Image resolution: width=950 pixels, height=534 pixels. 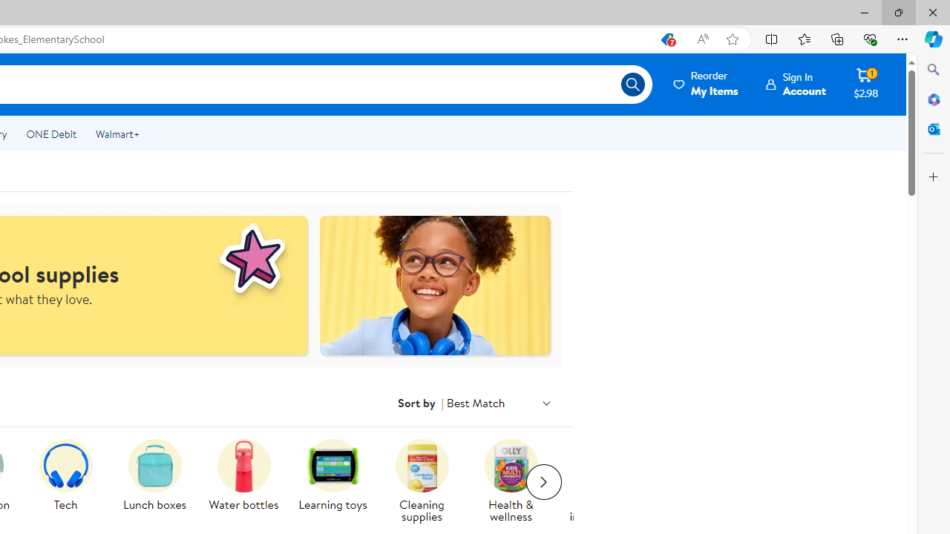 What do you see at coordinates (865, 84) in the screenshot?
I see `'Cart contains 1 item Total Amount $2.98'` at bounding box center [865, 84].